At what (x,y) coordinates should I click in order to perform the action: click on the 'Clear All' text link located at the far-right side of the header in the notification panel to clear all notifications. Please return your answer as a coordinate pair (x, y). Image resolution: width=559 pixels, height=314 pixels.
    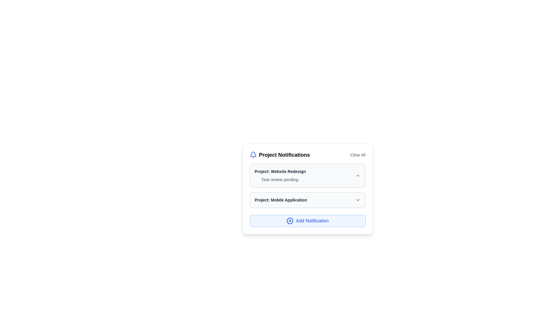
    Looking at the image, I should click on (358, 154).